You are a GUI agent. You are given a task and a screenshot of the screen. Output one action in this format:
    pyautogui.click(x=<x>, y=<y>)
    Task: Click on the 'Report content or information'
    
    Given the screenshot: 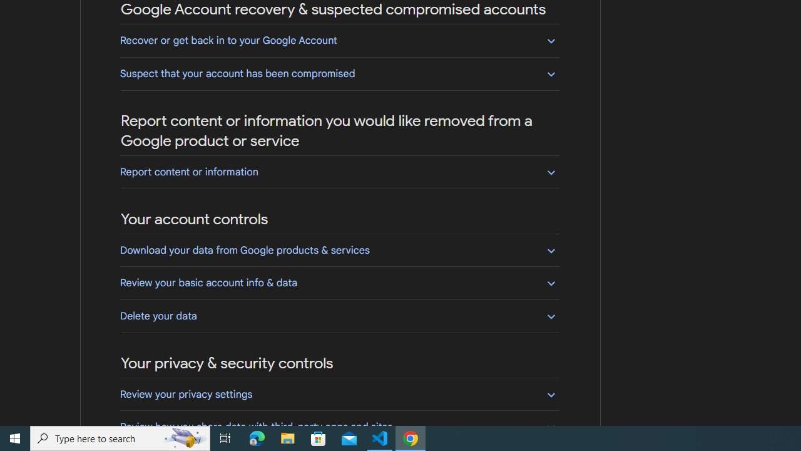 What is the action you would take?
    pyautogui.click(x=339, y=172)
    